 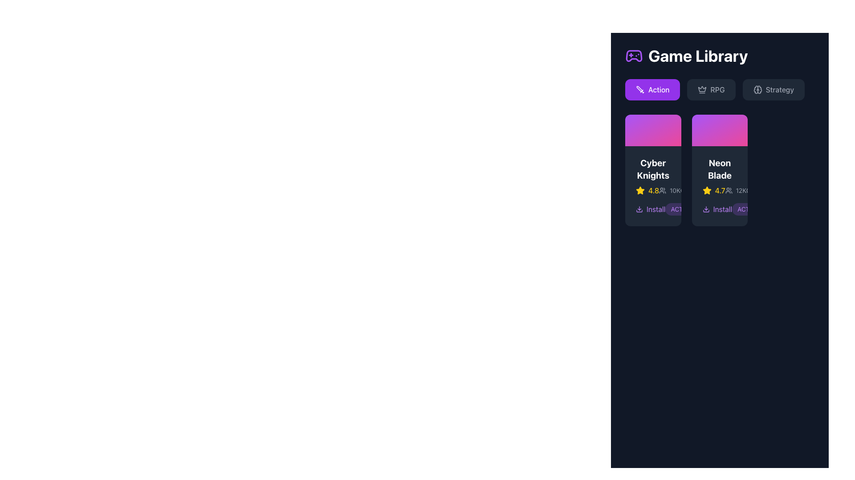 I want to click on displayed rating and user count information from the Rating and user count display located in the 'Cyber Knights' panel of the game library UI, so click(x=653, y=190).